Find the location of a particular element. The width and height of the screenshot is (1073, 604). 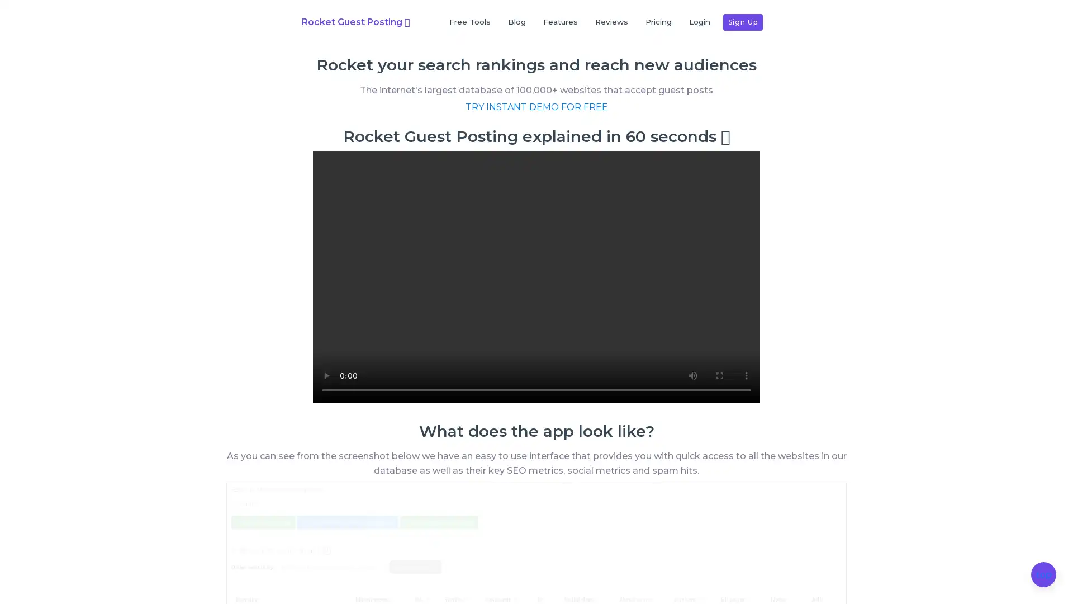

show more media controls is located at coordinates (746, 403).